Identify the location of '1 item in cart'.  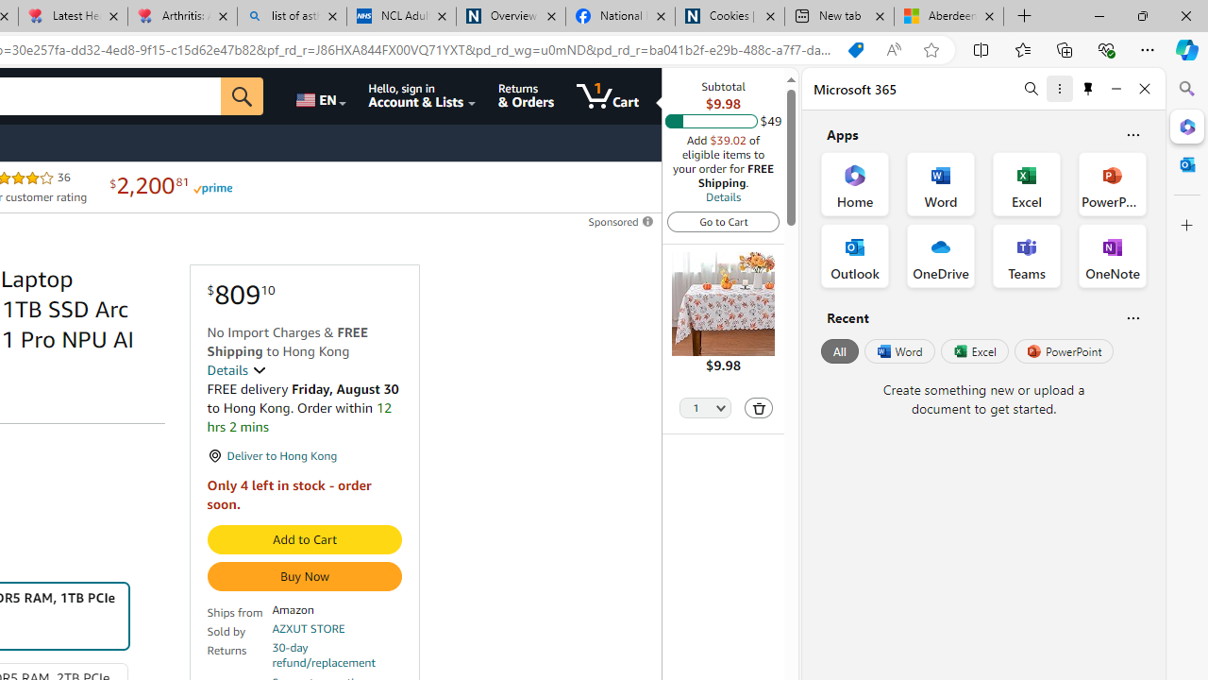
(607, 95).